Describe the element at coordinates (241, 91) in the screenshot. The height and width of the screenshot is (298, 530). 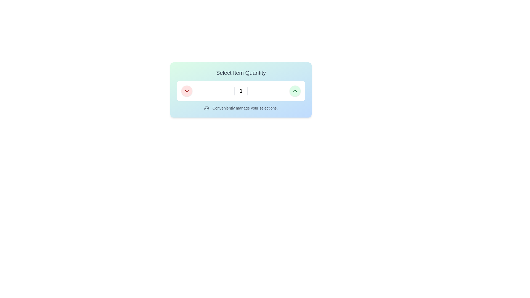
I see `the numeric input field that is styled with a white background, bordered with a gray outline, and contains the number '1' centered within it` at that location.